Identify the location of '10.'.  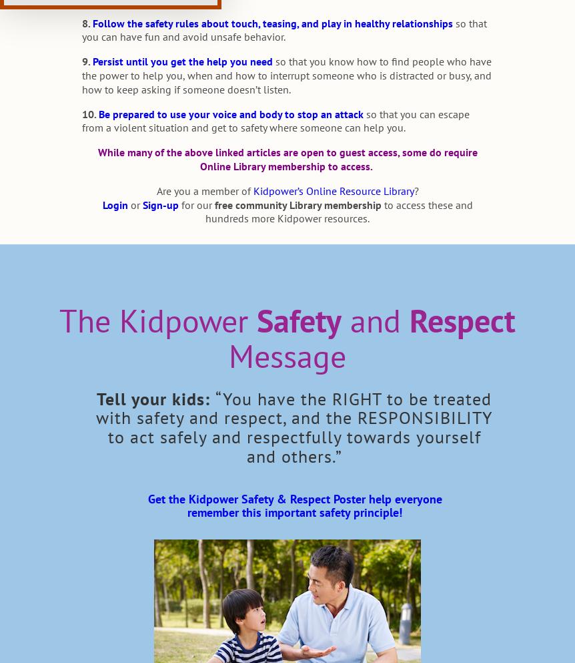
(87, 113).